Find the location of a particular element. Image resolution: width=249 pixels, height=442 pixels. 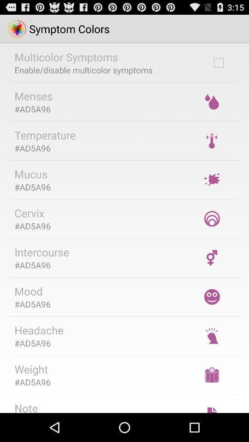

menses icon is located at coordinates (33, 96).